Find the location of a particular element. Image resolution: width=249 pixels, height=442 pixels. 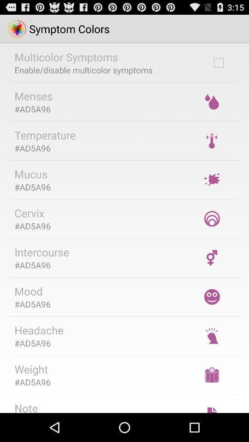

menses icon is located at coordinates (33, 96).